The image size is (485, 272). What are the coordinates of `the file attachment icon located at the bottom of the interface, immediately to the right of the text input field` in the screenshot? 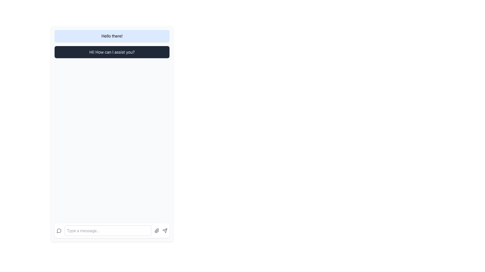 It's located at (156, 230).